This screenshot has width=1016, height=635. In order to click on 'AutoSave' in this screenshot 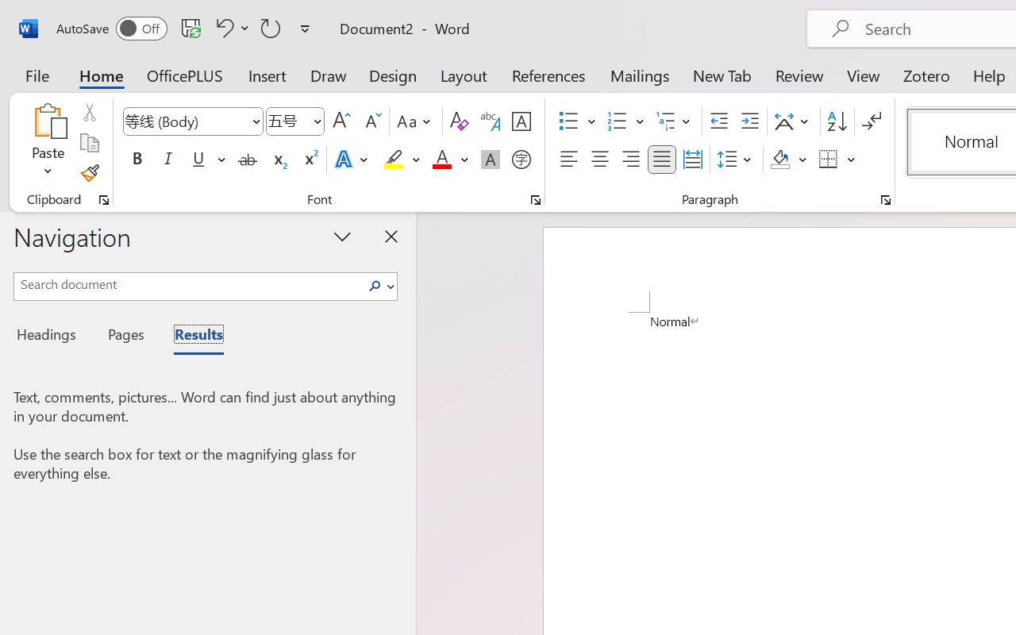, I will do `click(110, 28)`.